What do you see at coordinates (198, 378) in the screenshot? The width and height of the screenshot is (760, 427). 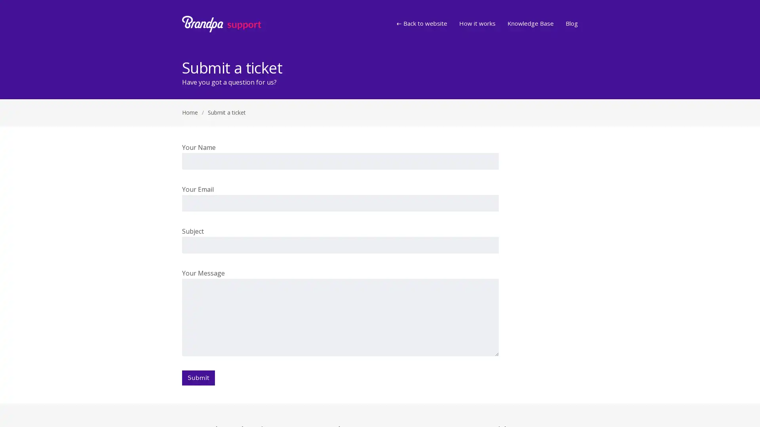 I see `Submit` at bounding box center [198, 378].